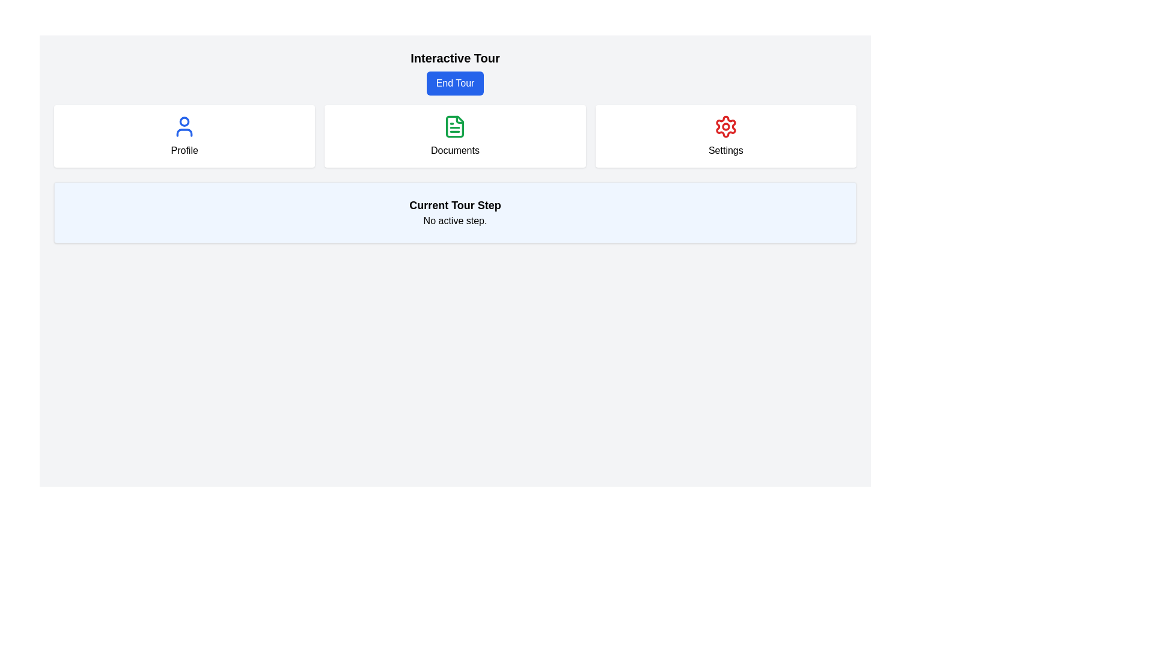  What do you see at coordinates (454, 136) in the screenshot?
I see `the 'Documents' card/button, which is the middle item in a grid layout between 'Profile' and 'Settings'` at bounding box center [454, 136].